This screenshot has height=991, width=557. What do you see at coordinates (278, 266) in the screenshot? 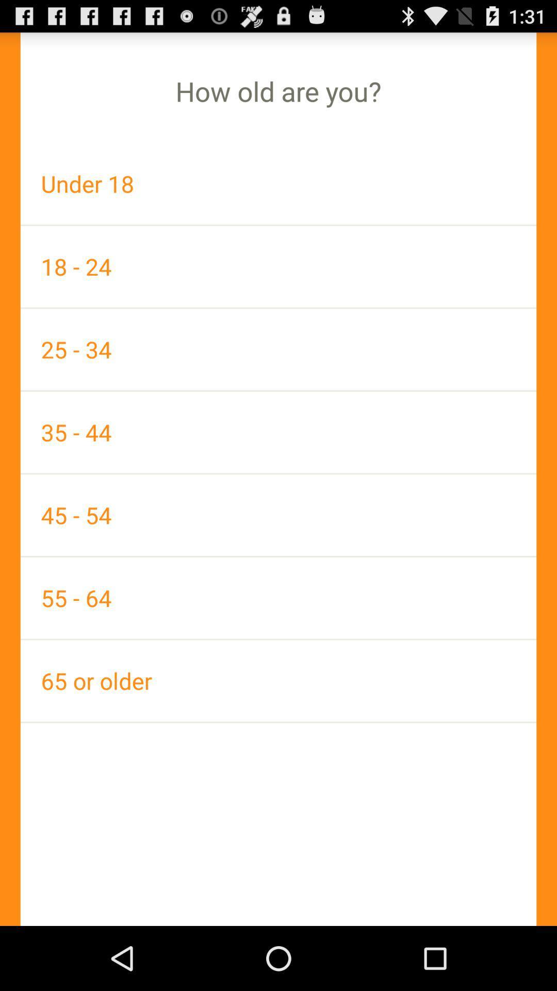
I see `the icon above the 25 - 34 item` at bounding box center [278, 266].